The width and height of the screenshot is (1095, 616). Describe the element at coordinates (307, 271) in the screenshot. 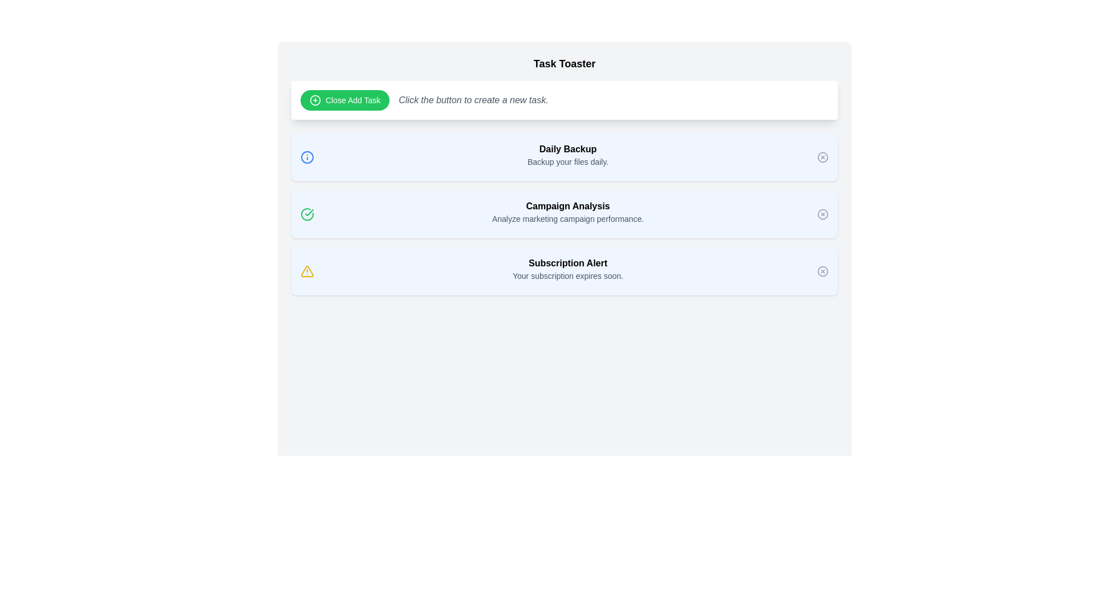

I see `the warning icon located on the left-hand side of the 'Subscription Alert' notification box, which indicates an alert or warning status` at that location.